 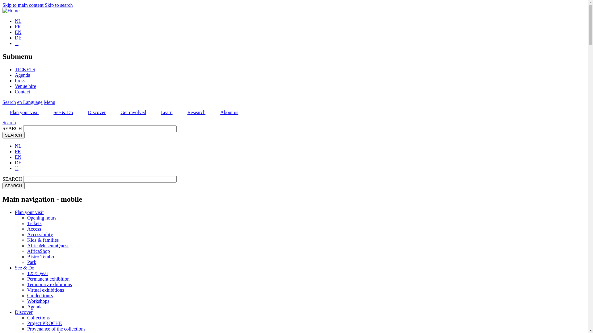 What do you see at coordinates (34, 229) in the screenshot?
I see `'Access'` at bounding box center [34, 229].